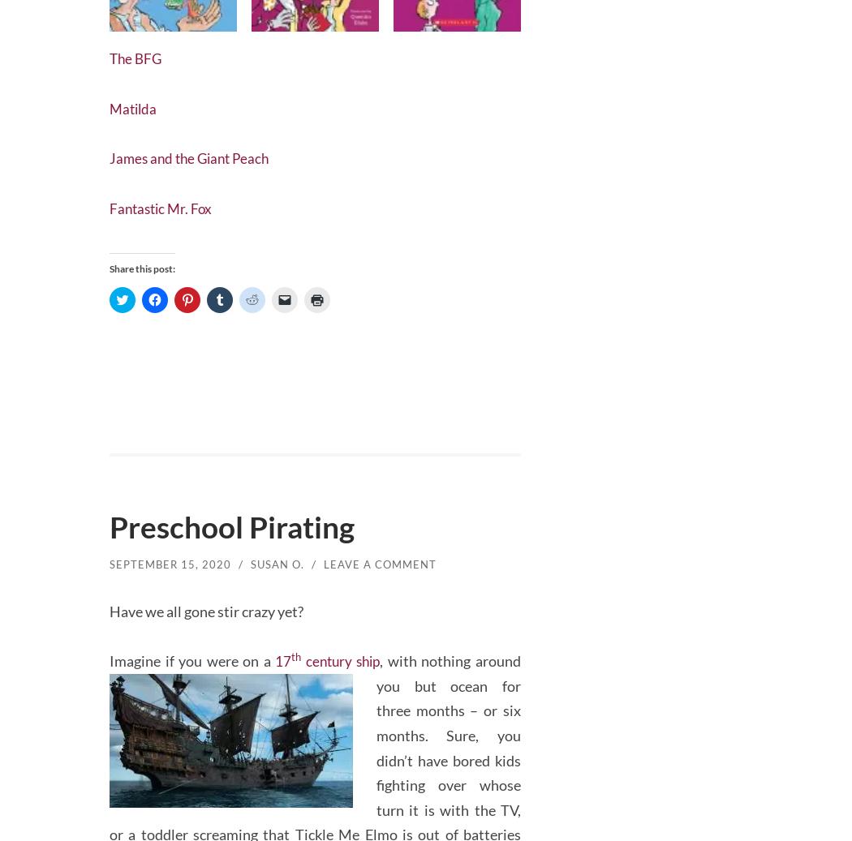  Describe the element at coordinates (206, 606) in the screenshot. I see `'Have we all gone stir crazy yet?'` at that location.